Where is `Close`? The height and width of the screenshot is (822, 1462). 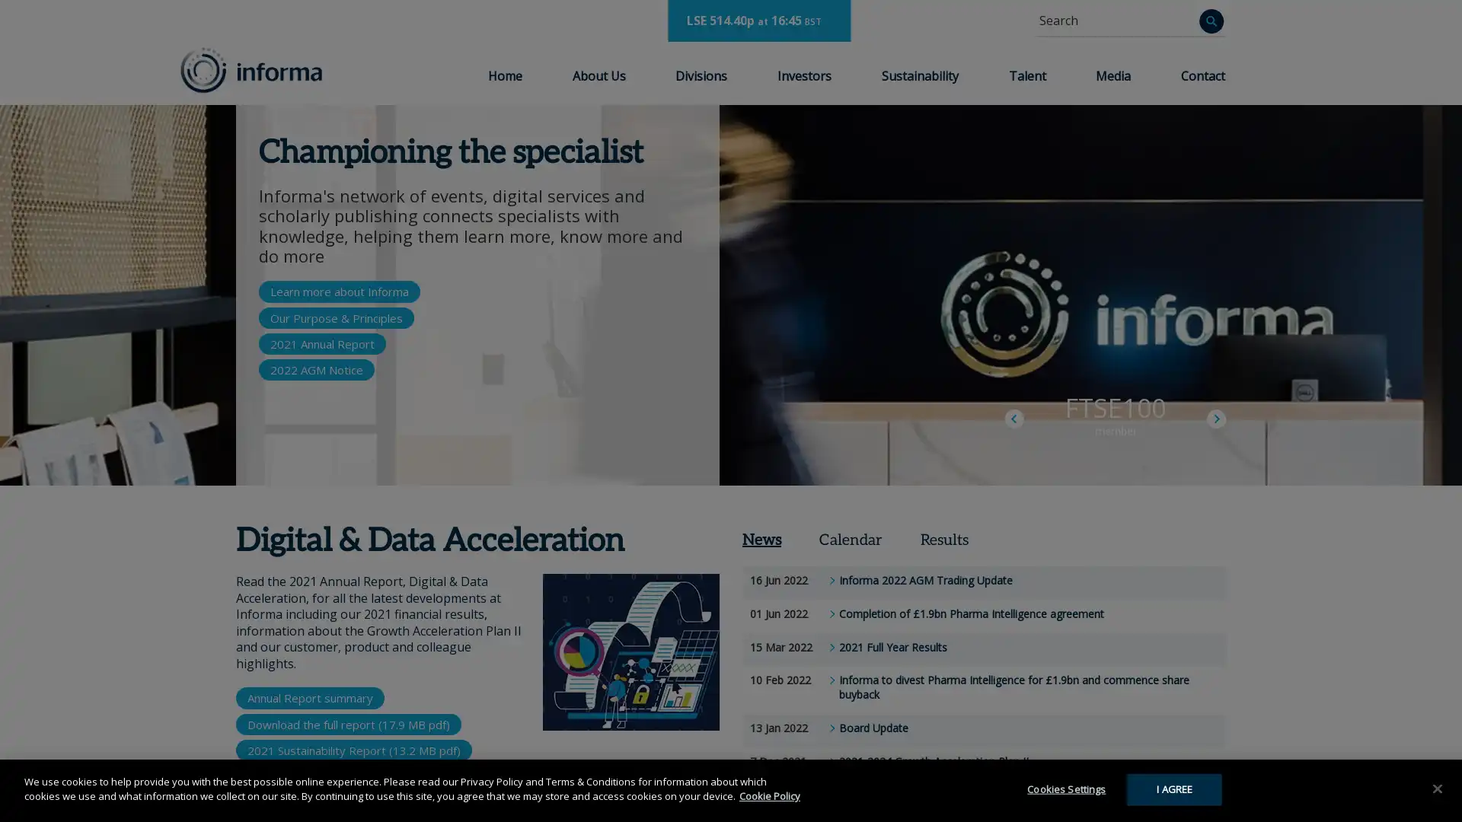
Close is located at coordinates (1436, 788).